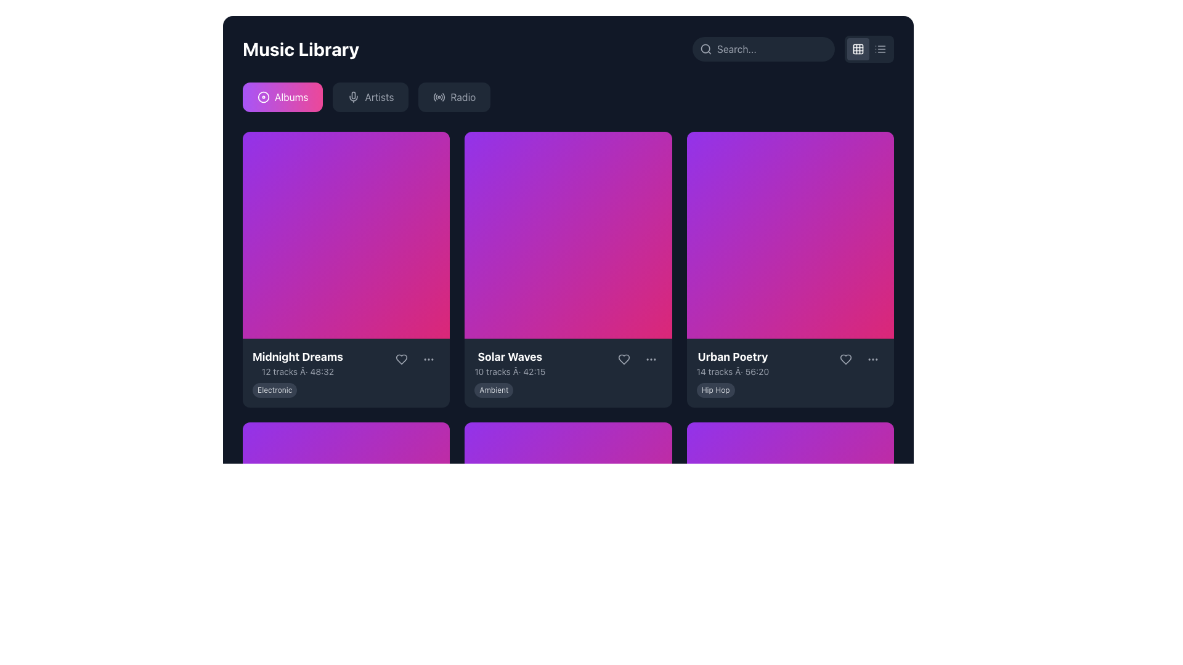 The width and height of the screenshot is (1183, 665). What do you see at coordinates (872, 359) in the screenshot?
I see `the ellipsis icon represented by three equally spaced dots in the bottom-right corner of the 'Urban Poetry' card` at bounding box center [872, 359].